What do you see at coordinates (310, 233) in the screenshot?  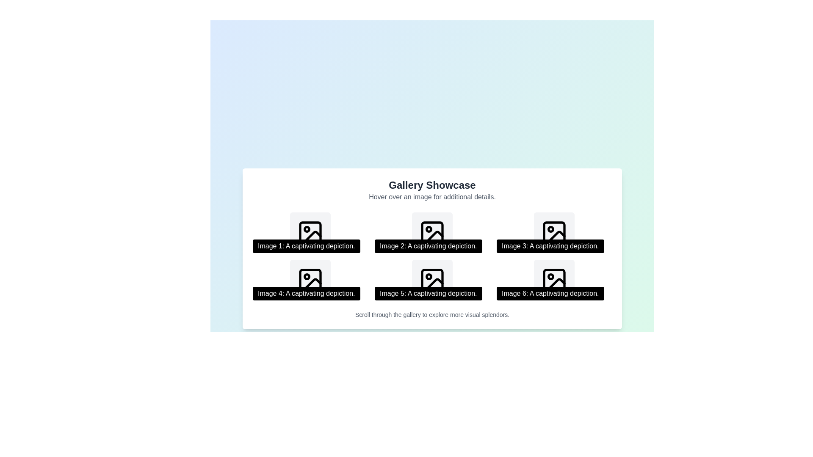 I see `the non-interactive rectangular graphical component located within the top-left image preview of the gallery grid` at bounding box center [310, 233].